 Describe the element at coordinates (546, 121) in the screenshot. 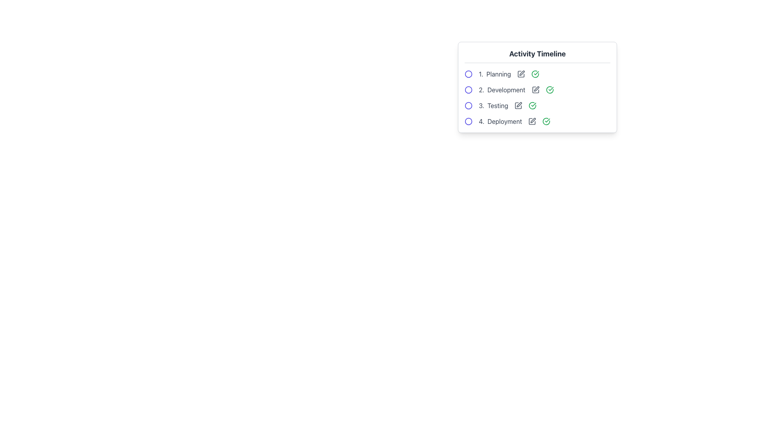

I see `the circular icon with a green checkmark inside it, which is the last item in the horizontal group of icons adjacent to the text '4. Deployment' in the 'Activity Timeline' section` at that location.